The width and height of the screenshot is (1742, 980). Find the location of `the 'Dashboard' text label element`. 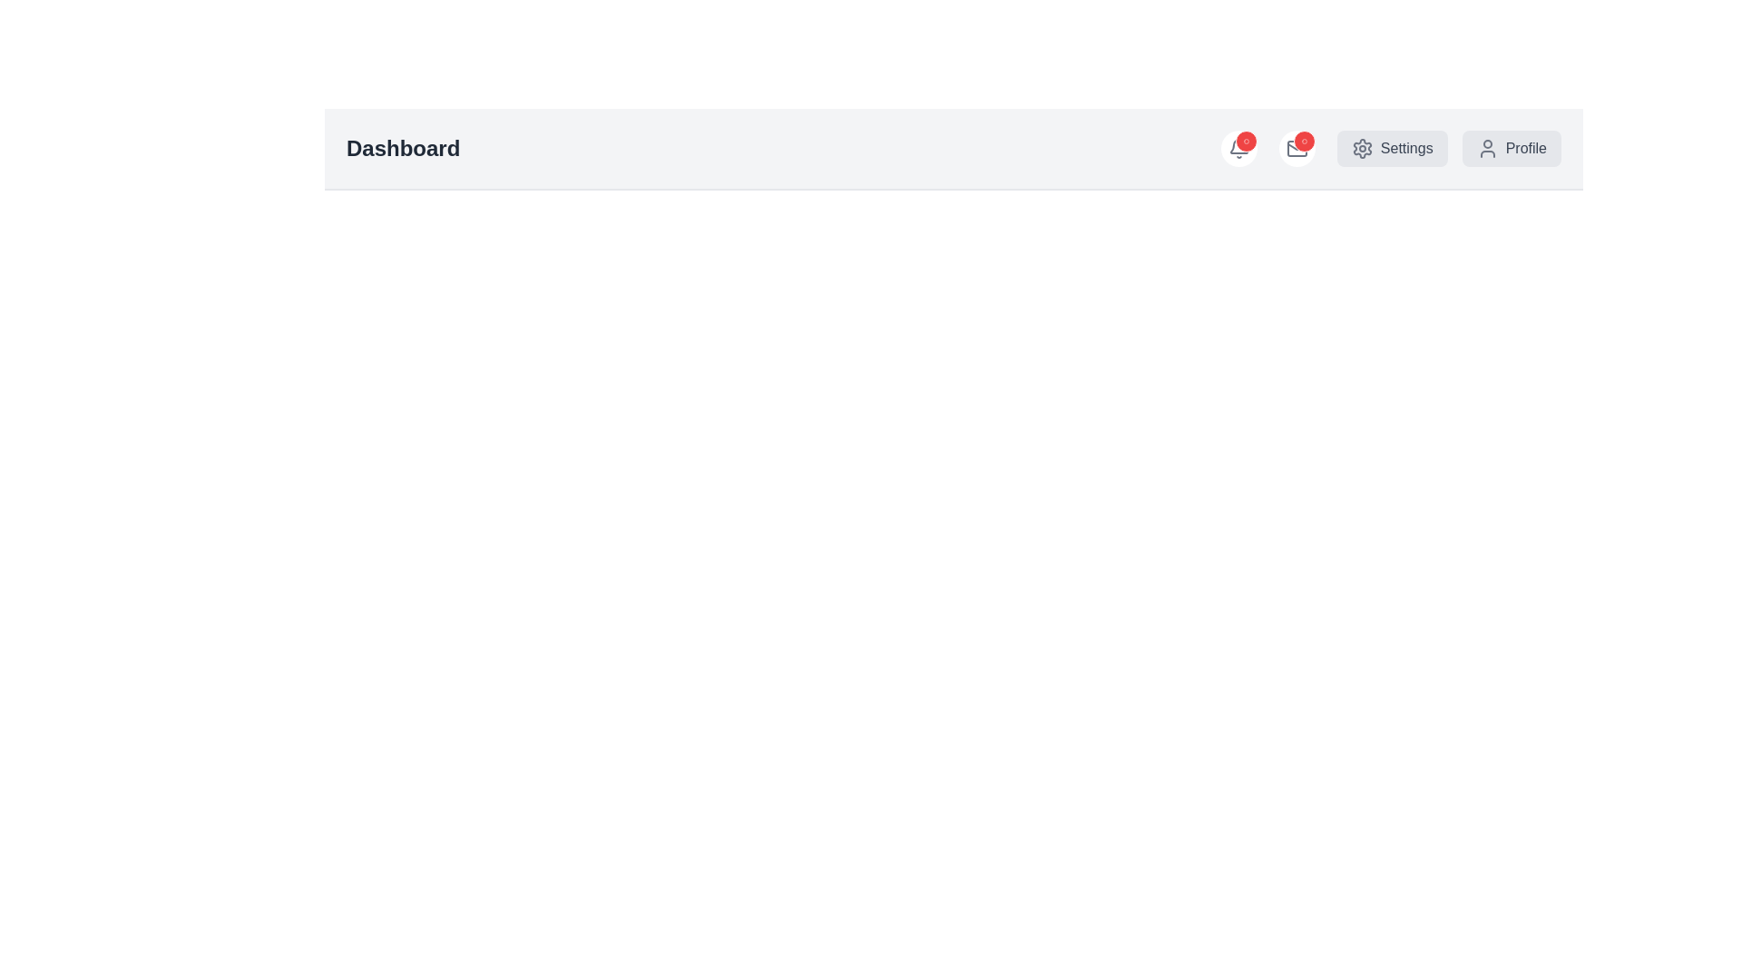

the 'Dashboard' text label element is located at coordinates (402, 148).